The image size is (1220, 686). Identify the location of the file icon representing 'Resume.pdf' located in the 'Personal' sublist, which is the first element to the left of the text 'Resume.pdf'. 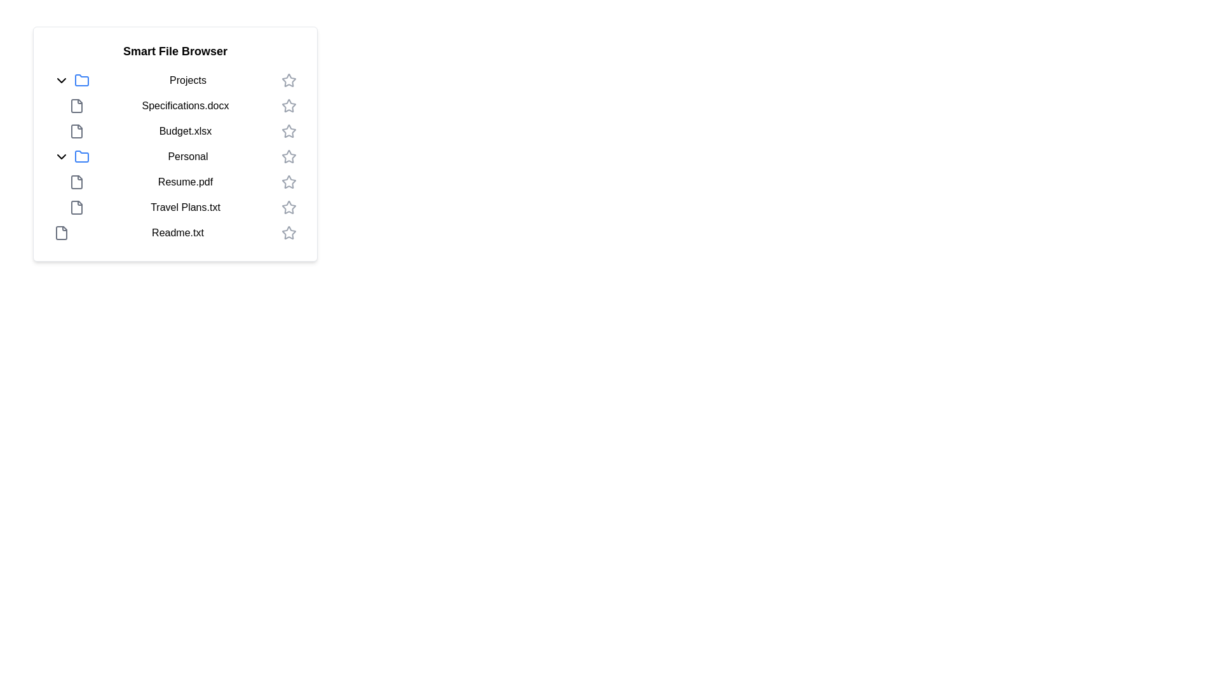
(76, 182).